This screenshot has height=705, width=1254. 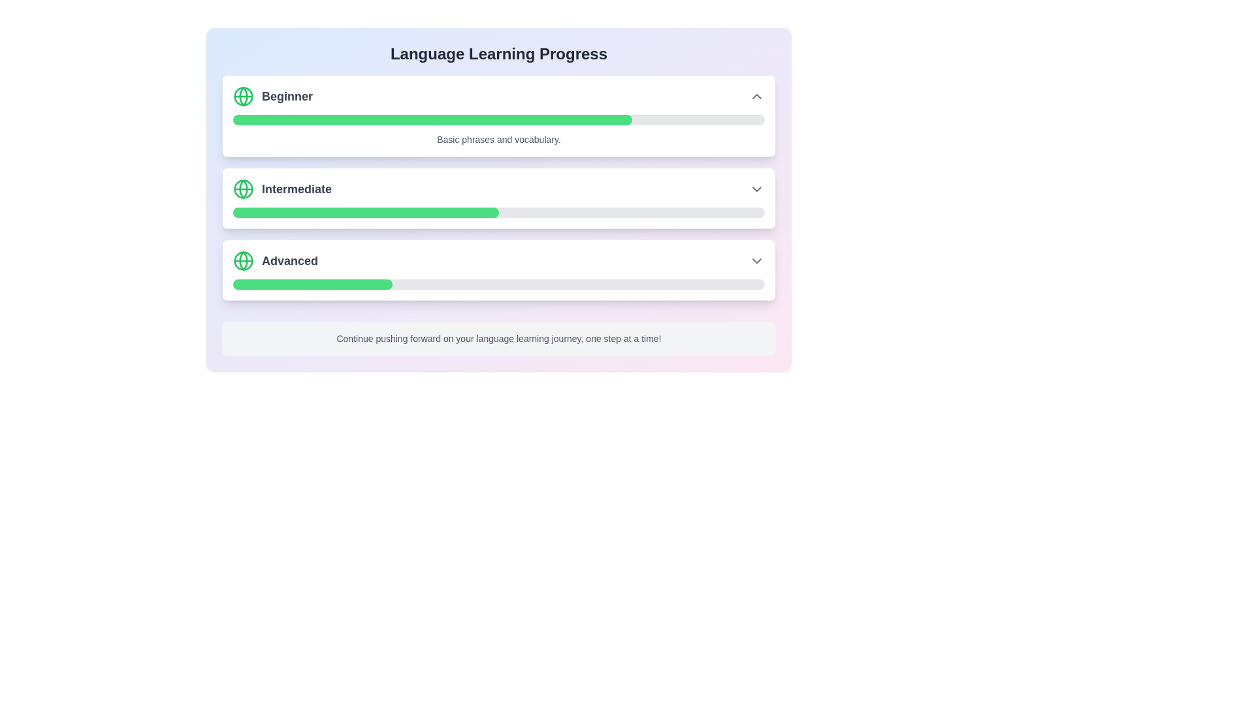 What do you see at coordinates (432, 120) in the screenshot?
I see `the green filled segment of the progress indicator representing 75% completion in the 'Beginner' section of the Language Learning Progress interface` at bounding box center [432, 120].